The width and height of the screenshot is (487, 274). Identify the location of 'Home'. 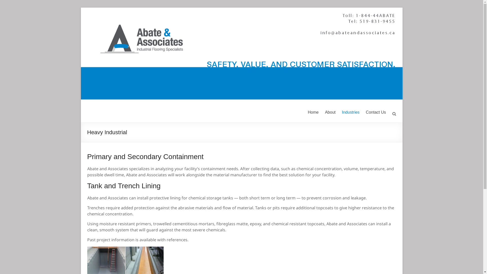
(313, 112).